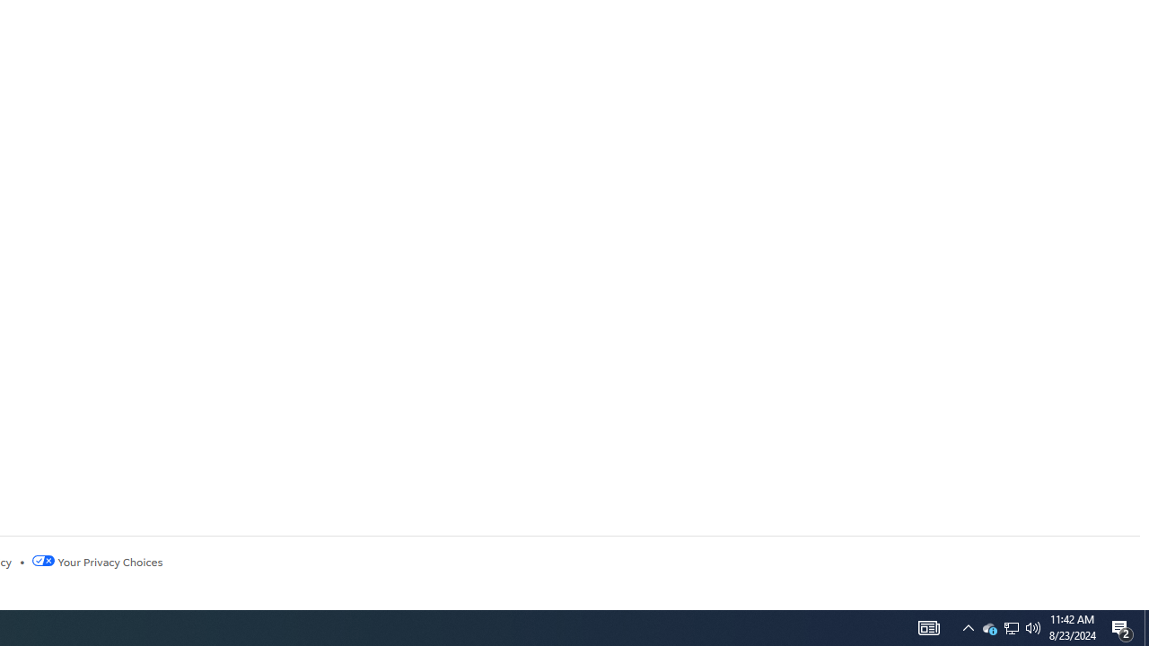 The height and width of the screenshot is (646, 1149). I want to click on ' Your Privacy Choices', so click(96, 561).